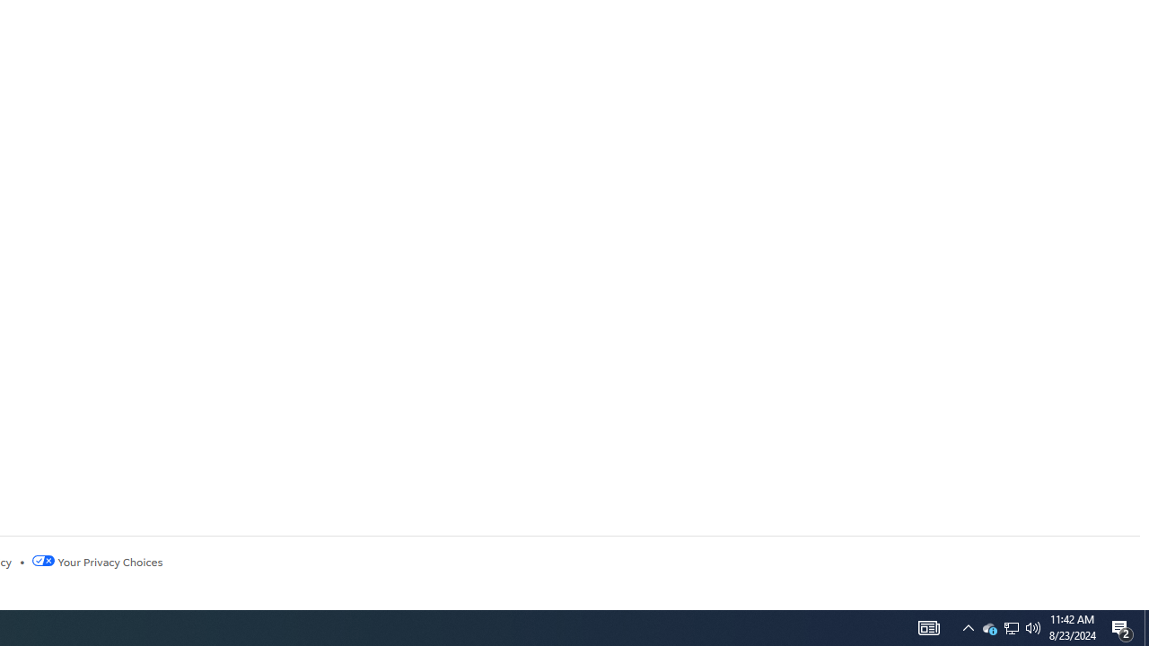 The height and width of the screenshot is (646, 1149). I want to click on ' Your Privacy Choices', so click(96, 561).